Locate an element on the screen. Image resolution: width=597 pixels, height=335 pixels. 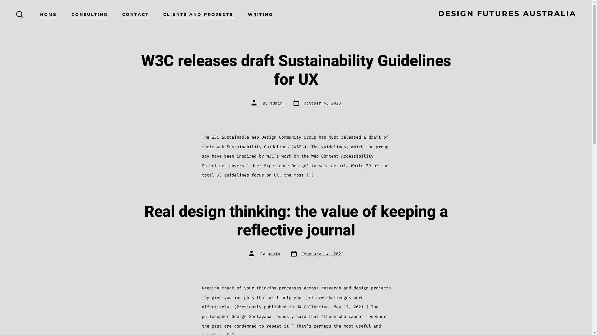
'Post date is located at coordinates (316, 103).